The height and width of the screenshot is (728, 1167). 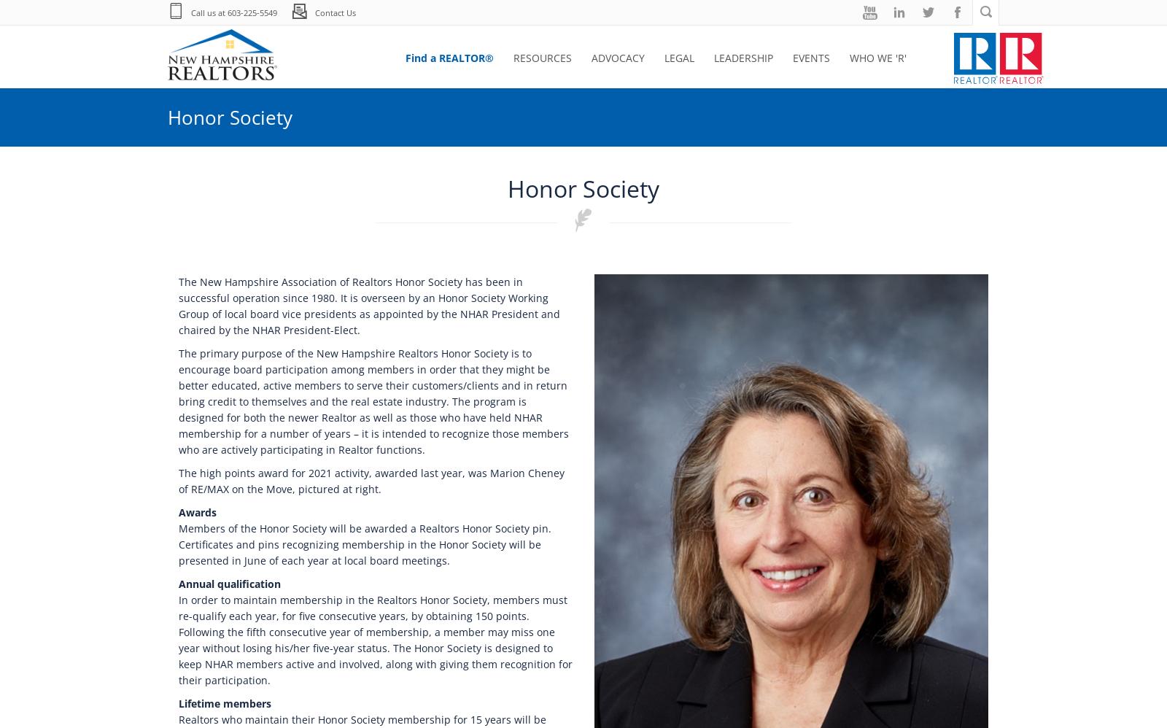 What do you see at coordinates (371, 480) in the screenshot?
I see `'The high points award for 2021 activity, awarded last year, was Marion Cheney of RE/MAX on the Move, pictured at right.'` at bounding box center [371, 480].